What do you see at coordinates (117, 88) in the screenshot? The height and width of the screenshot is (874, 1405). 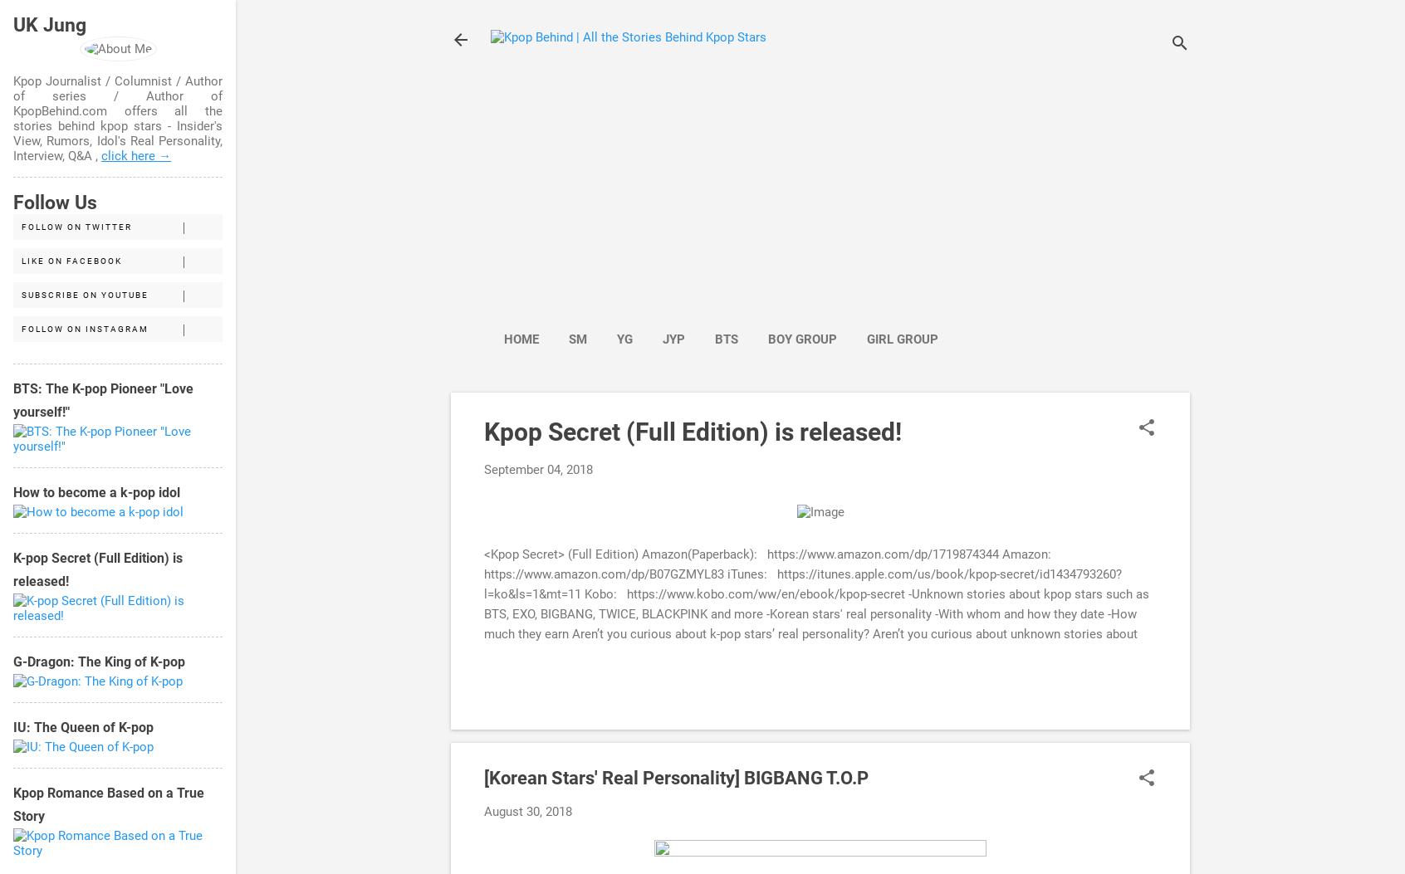 I see `'Kpop Journalist / Columnist / Author of'` at bounding box center [117, 88].